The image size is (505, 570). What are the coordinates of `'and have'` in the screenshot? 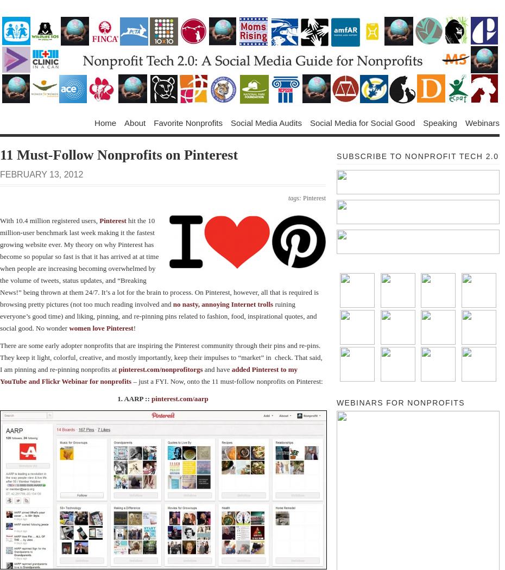 It's located at (217, 369).